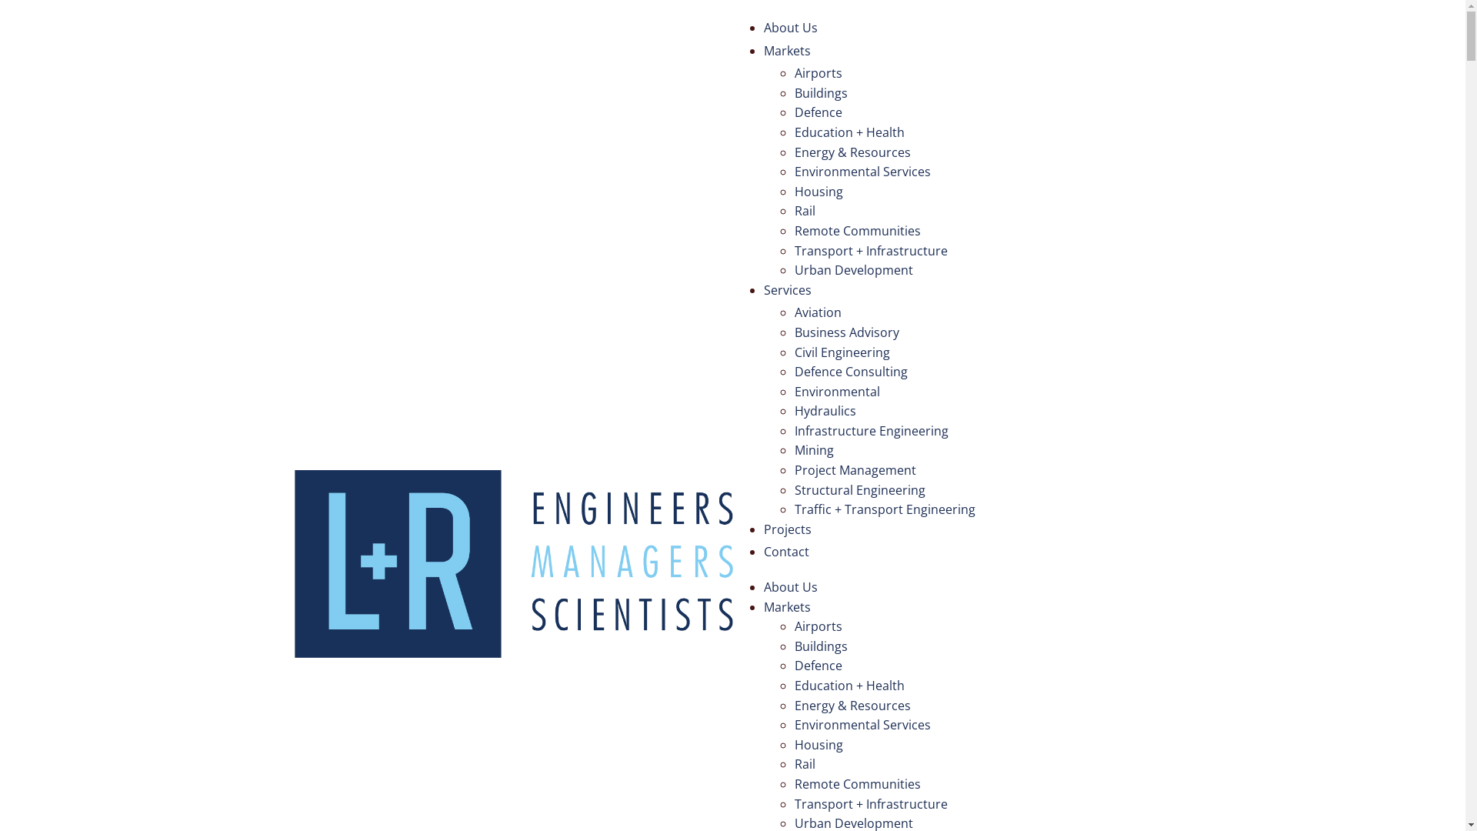 This screenshot has height=831, width=1477. What do you see at coordinates (862, 724) in the screenshot?
I see `'Environmental Services'` at bounding box center [862, 724].